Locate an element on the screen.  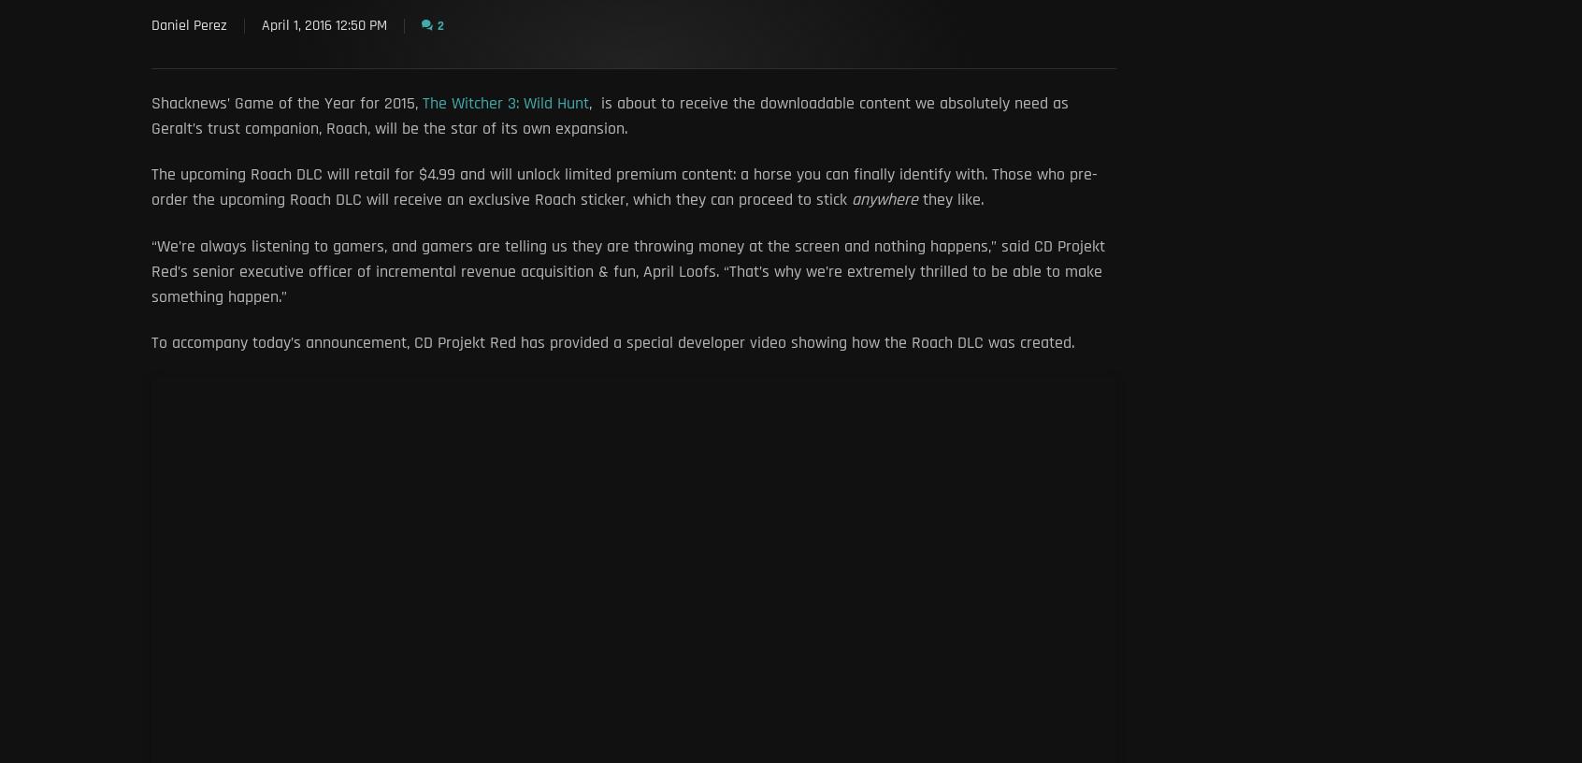
',  is about to receive the downloadable content we absolutely need as Geralt’s trust companion, Roach, will be the star of its own expansion.' is located at coordinates (610, 114).